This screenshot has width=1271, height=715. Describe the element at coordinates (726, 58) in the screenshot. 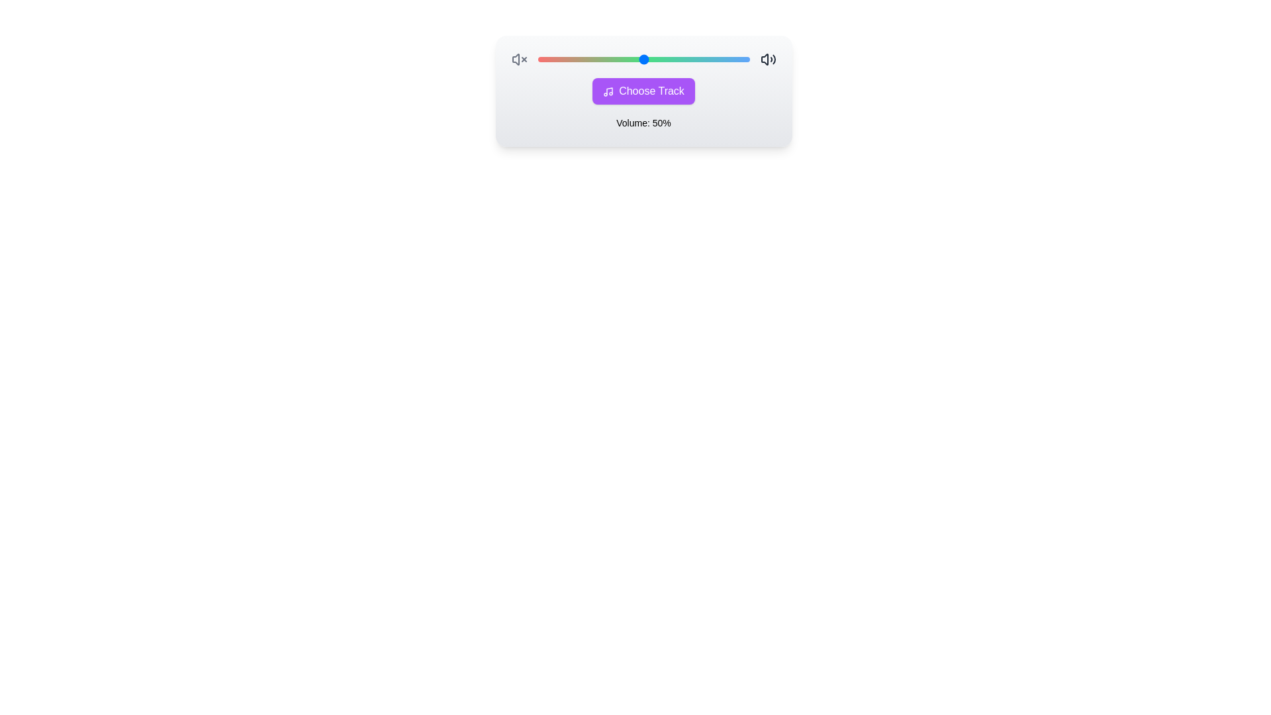

I see `the volume to 89% using the slider` at that location.